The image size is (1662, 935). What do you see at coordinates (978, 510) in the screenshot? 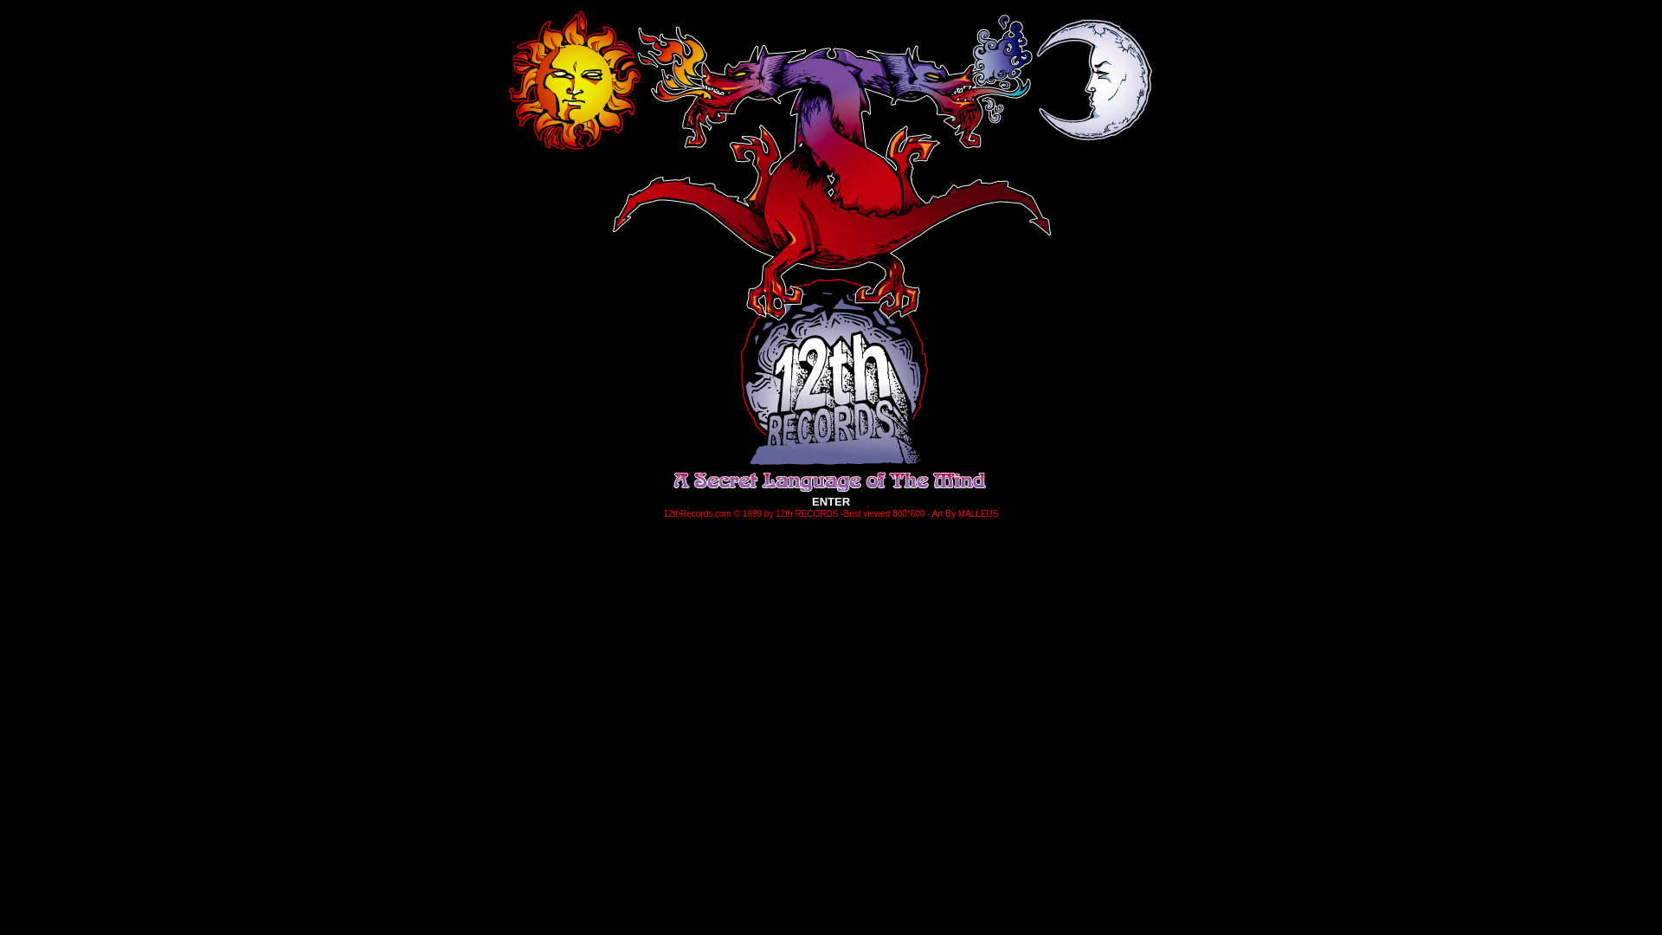
I see `'MALLEUS'` at bounding box center [978, 510].